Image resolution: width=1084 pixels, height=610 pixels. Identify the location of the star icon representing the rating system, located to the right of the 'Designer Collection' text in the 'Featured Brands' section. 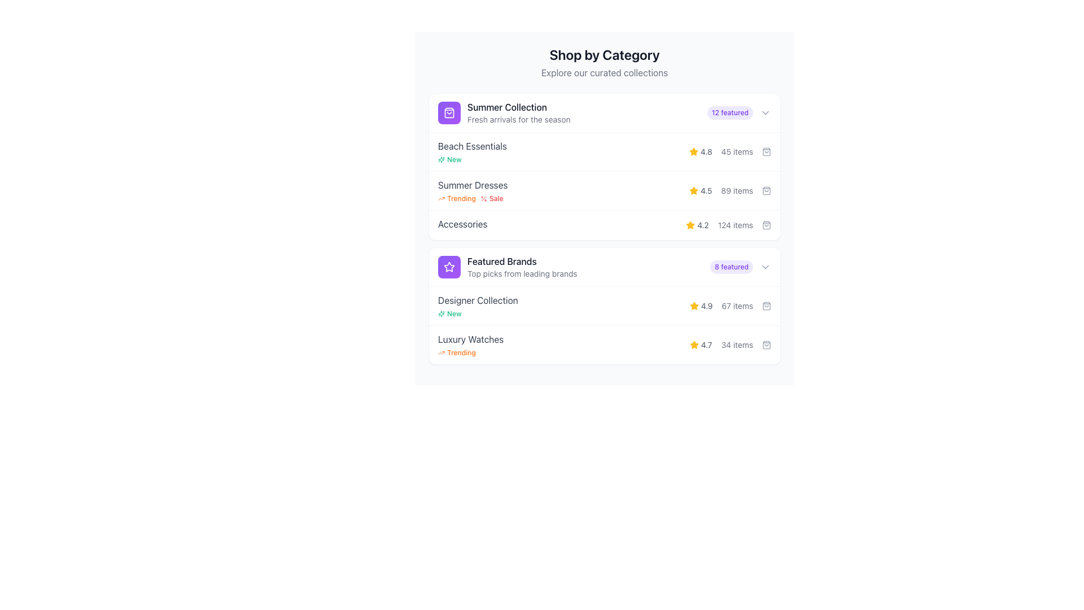
(693, 306).